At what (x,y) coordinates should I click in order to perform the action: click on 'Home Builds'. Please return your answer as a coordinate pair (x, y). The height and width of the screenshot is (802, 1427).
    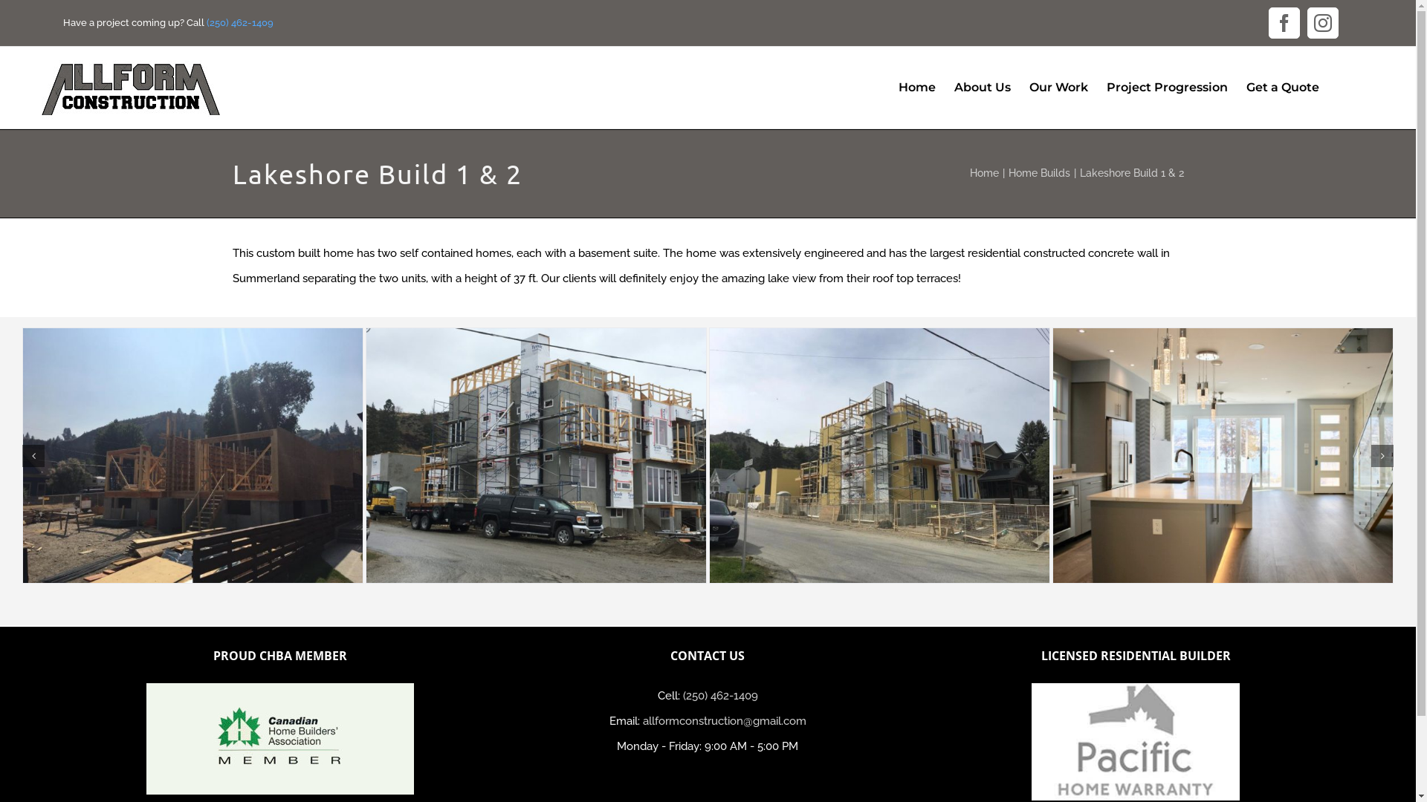
    Looking at the image, I should click on (1038, 172).